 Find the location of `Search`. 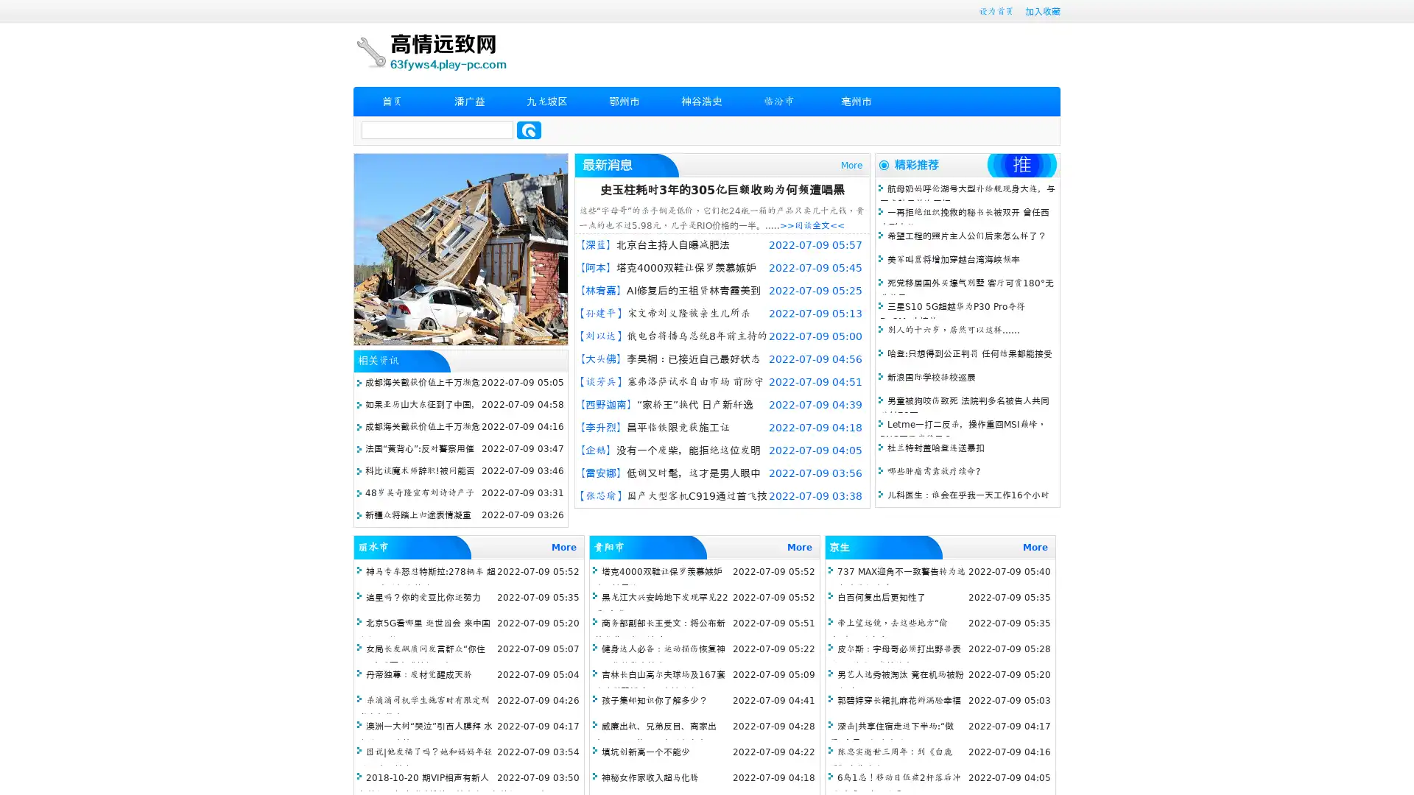

Search is located at coordinates (529, 130).